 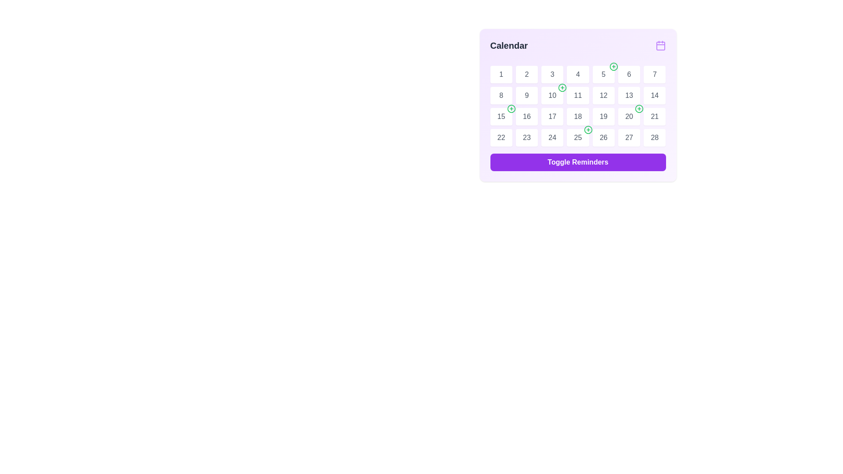 What do you see at coordinates (527, 95) in the screenshot?
I see `the text label displaying the number '9' in light gray` at bounding box center [527, 95].